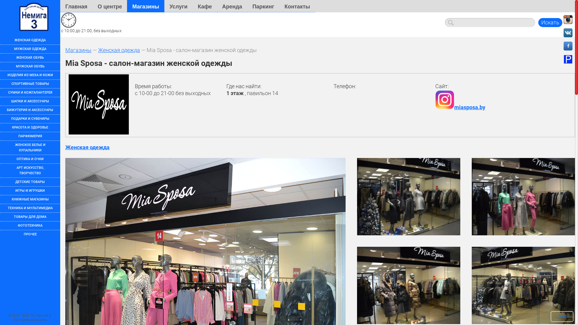 The height and width of the screenshot is (325, 578). I want to click on 'miasposa.by', so click(460, 107).